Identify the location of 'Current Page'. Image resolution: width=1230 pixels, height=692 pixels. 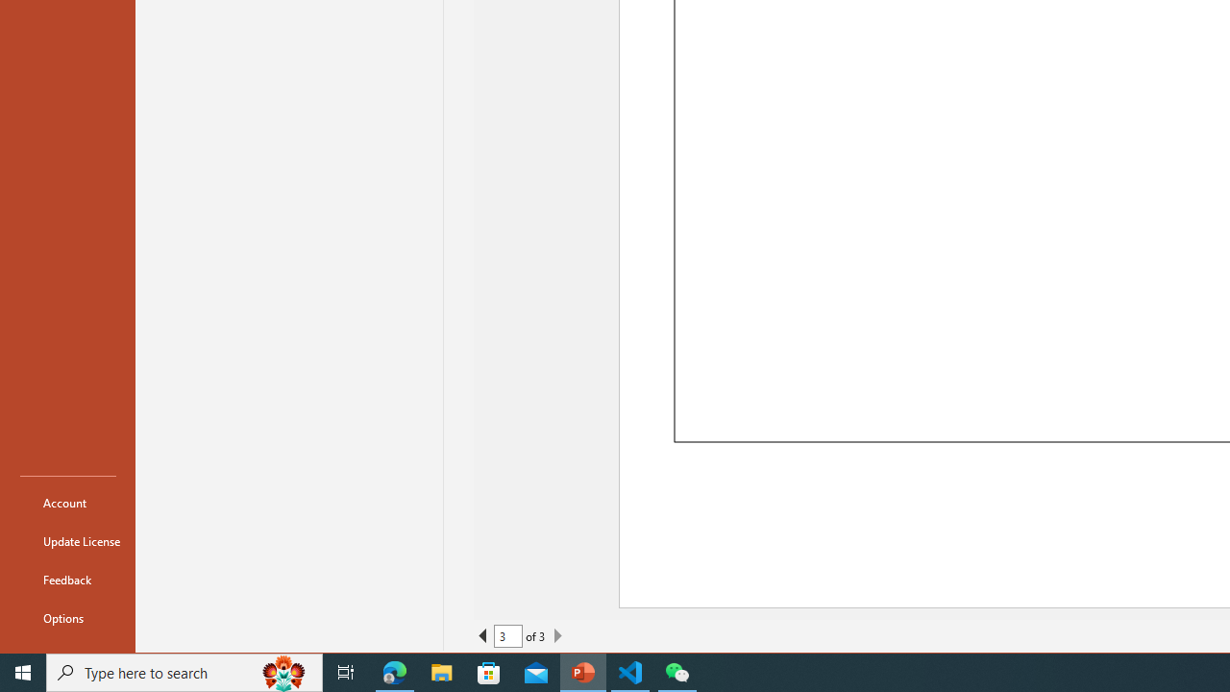
(507, 636).